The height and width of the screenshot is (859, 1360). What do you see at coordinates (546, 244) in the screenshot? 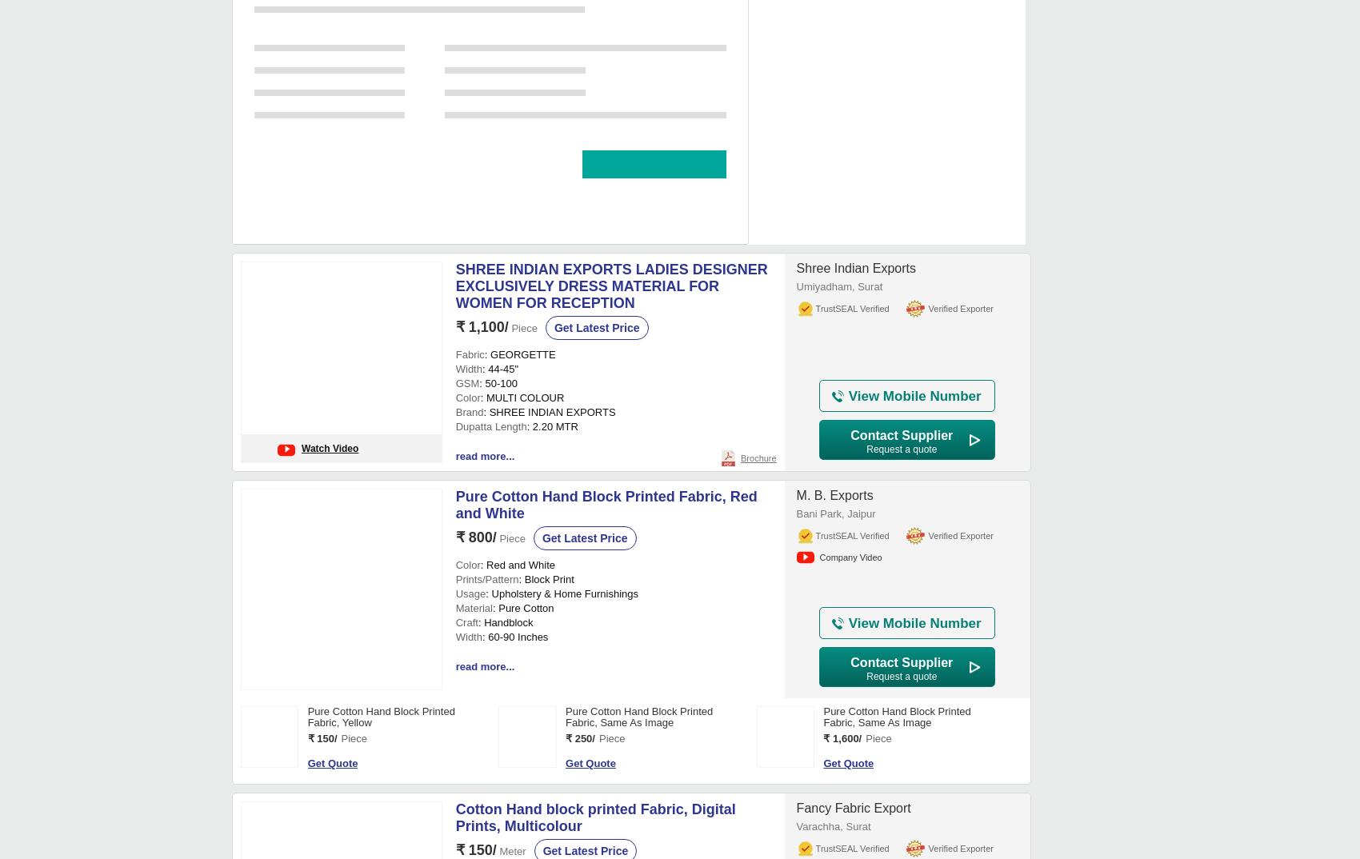
I see `':  Block Print'` at bounding box center [546, 244].